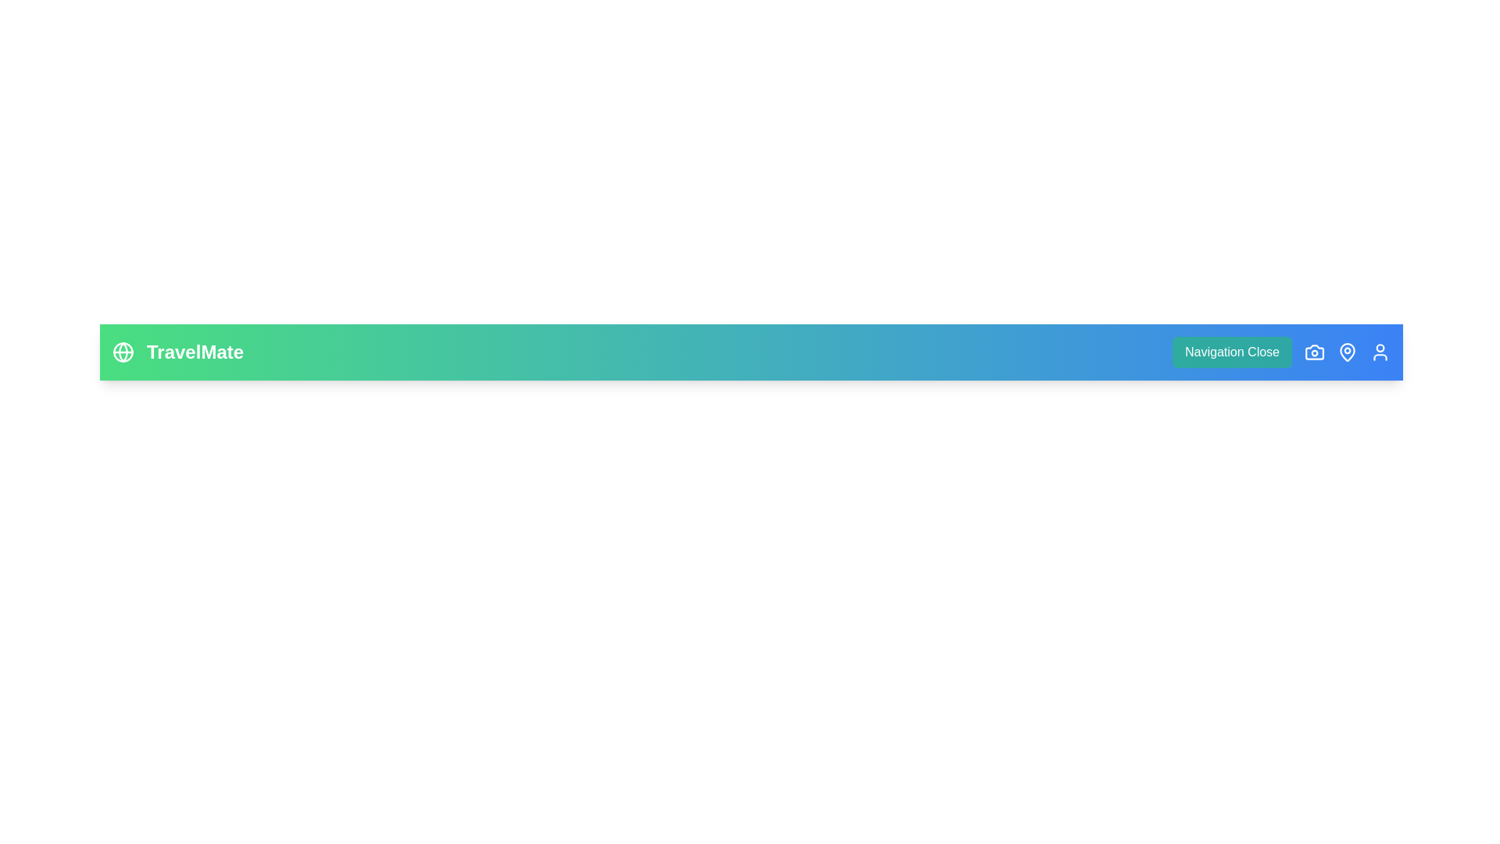 This screenshot has width=1500, height=844. What do you see at coordinates (1346, 352) in the screenshot?
I see `the map pin icon to activate location-related functionality` at bounding box center [1346, 352].